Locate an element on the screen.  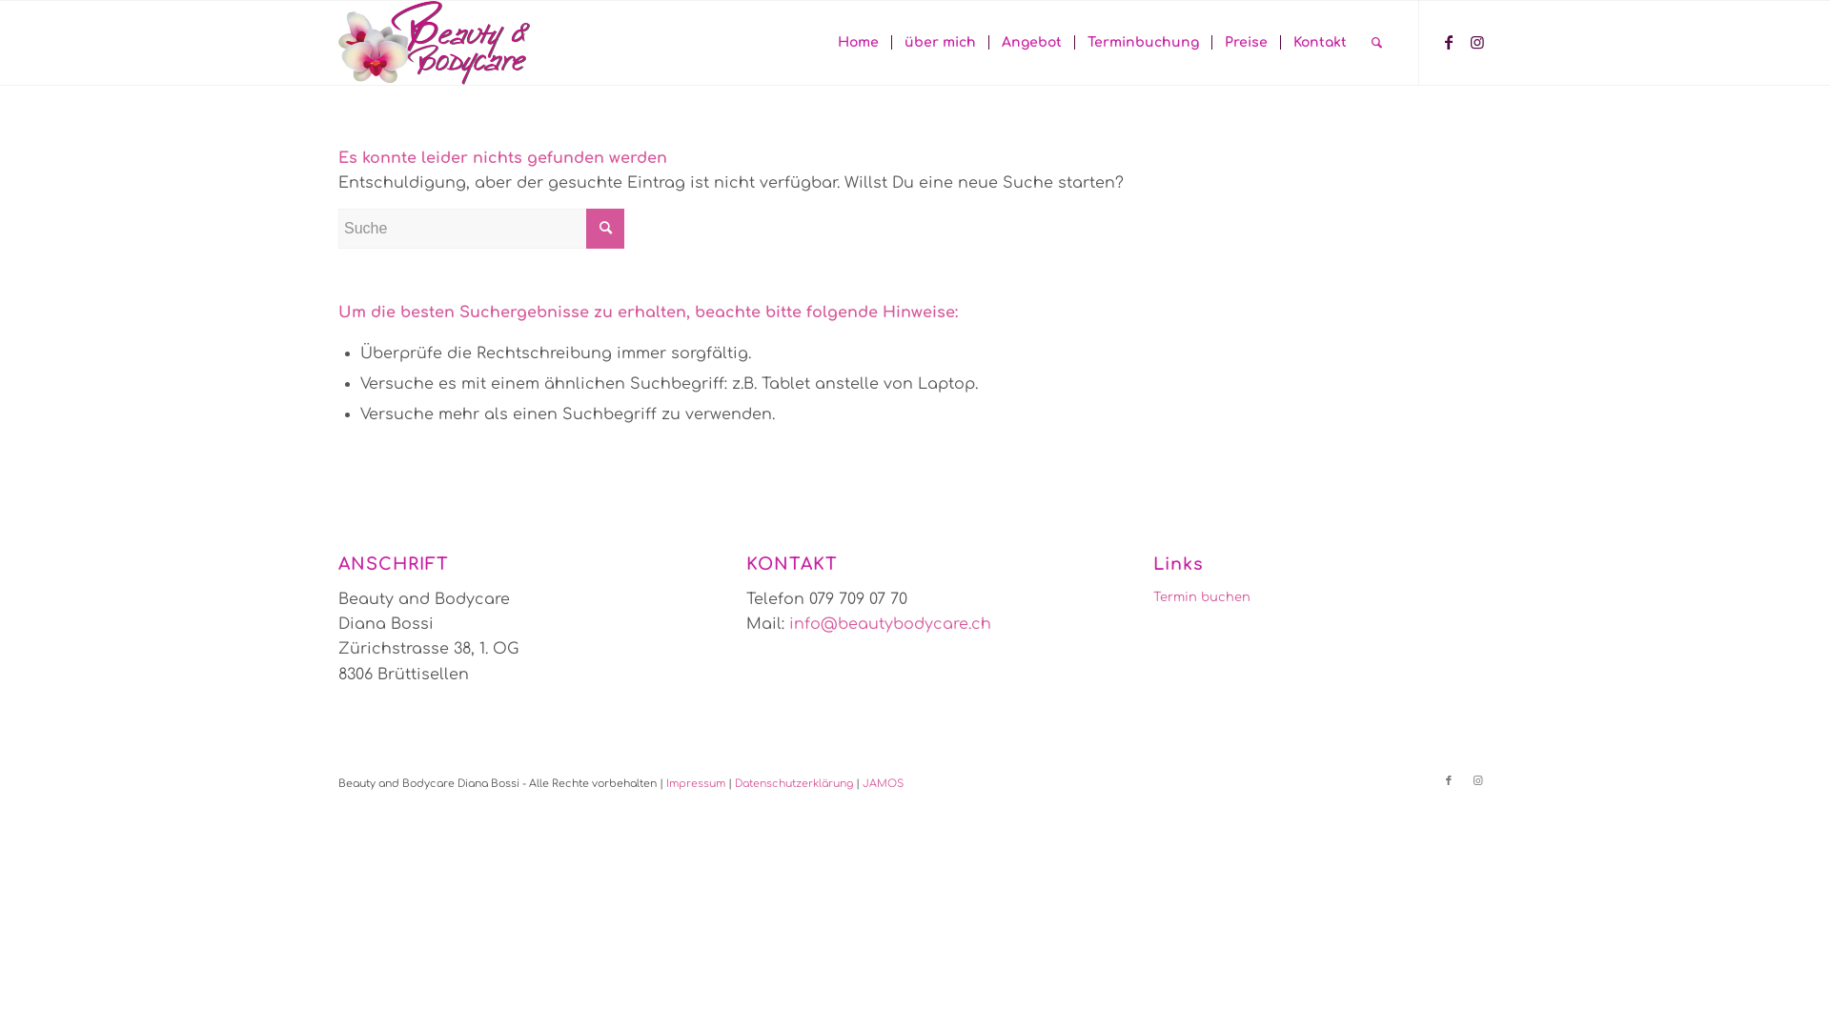
'Impressum' is located at coordinates (694, 783).